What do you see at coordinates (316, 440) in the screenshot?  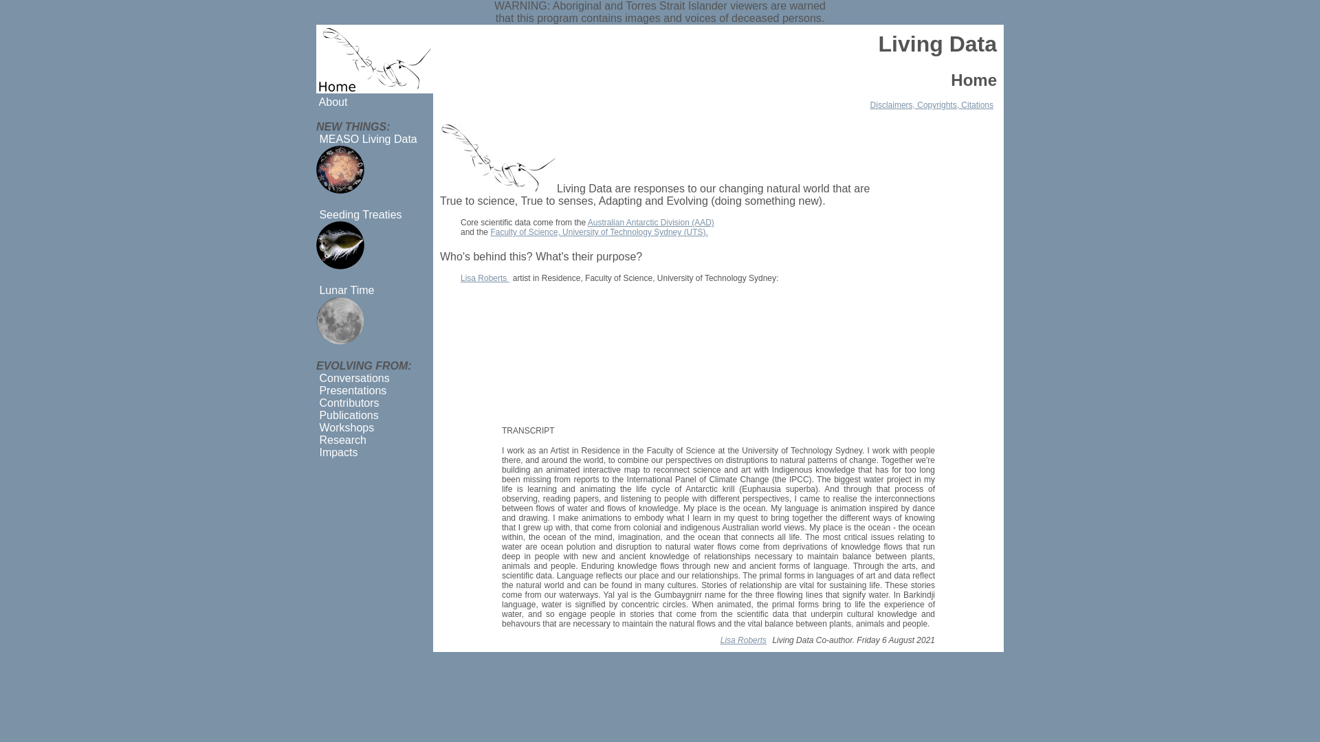 I see `' Research'` at bounding box center [316, 440].